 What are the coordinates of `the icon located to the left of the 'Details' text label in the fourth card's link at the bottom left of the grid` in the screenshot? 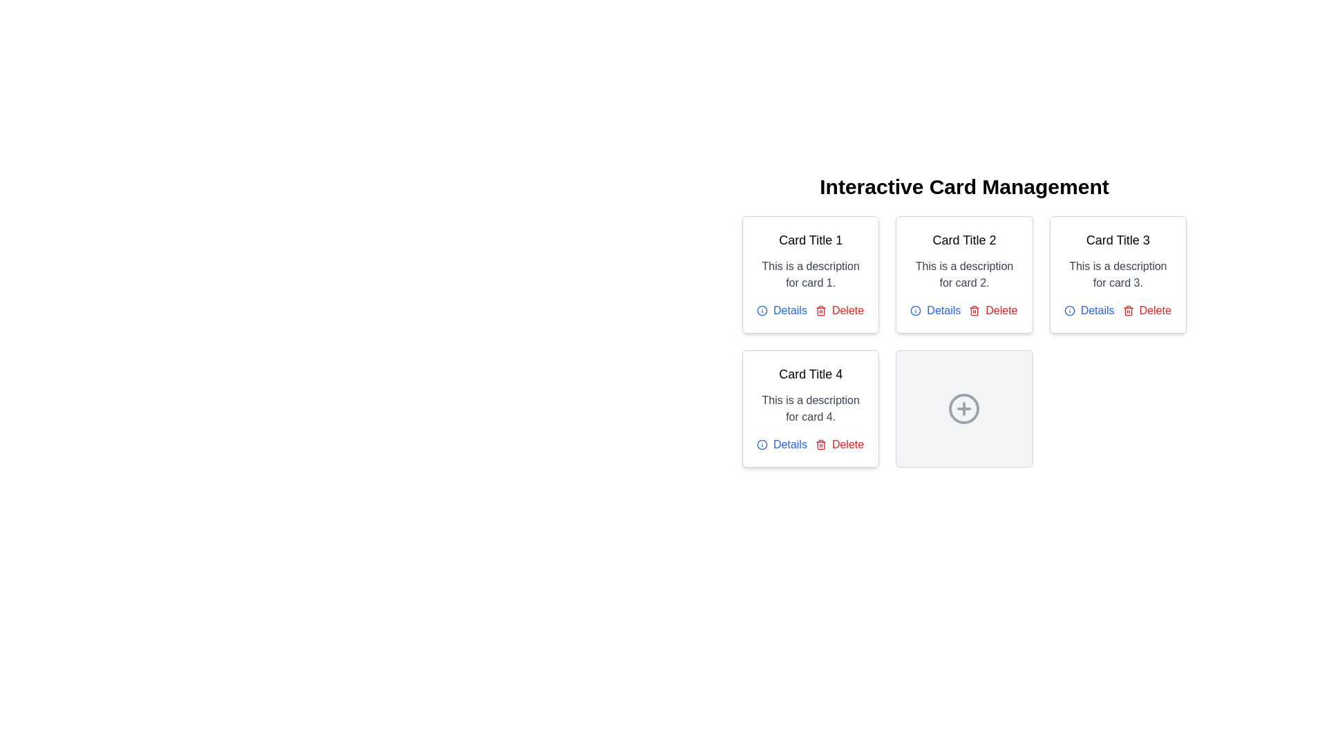 It's located at (762, 445).